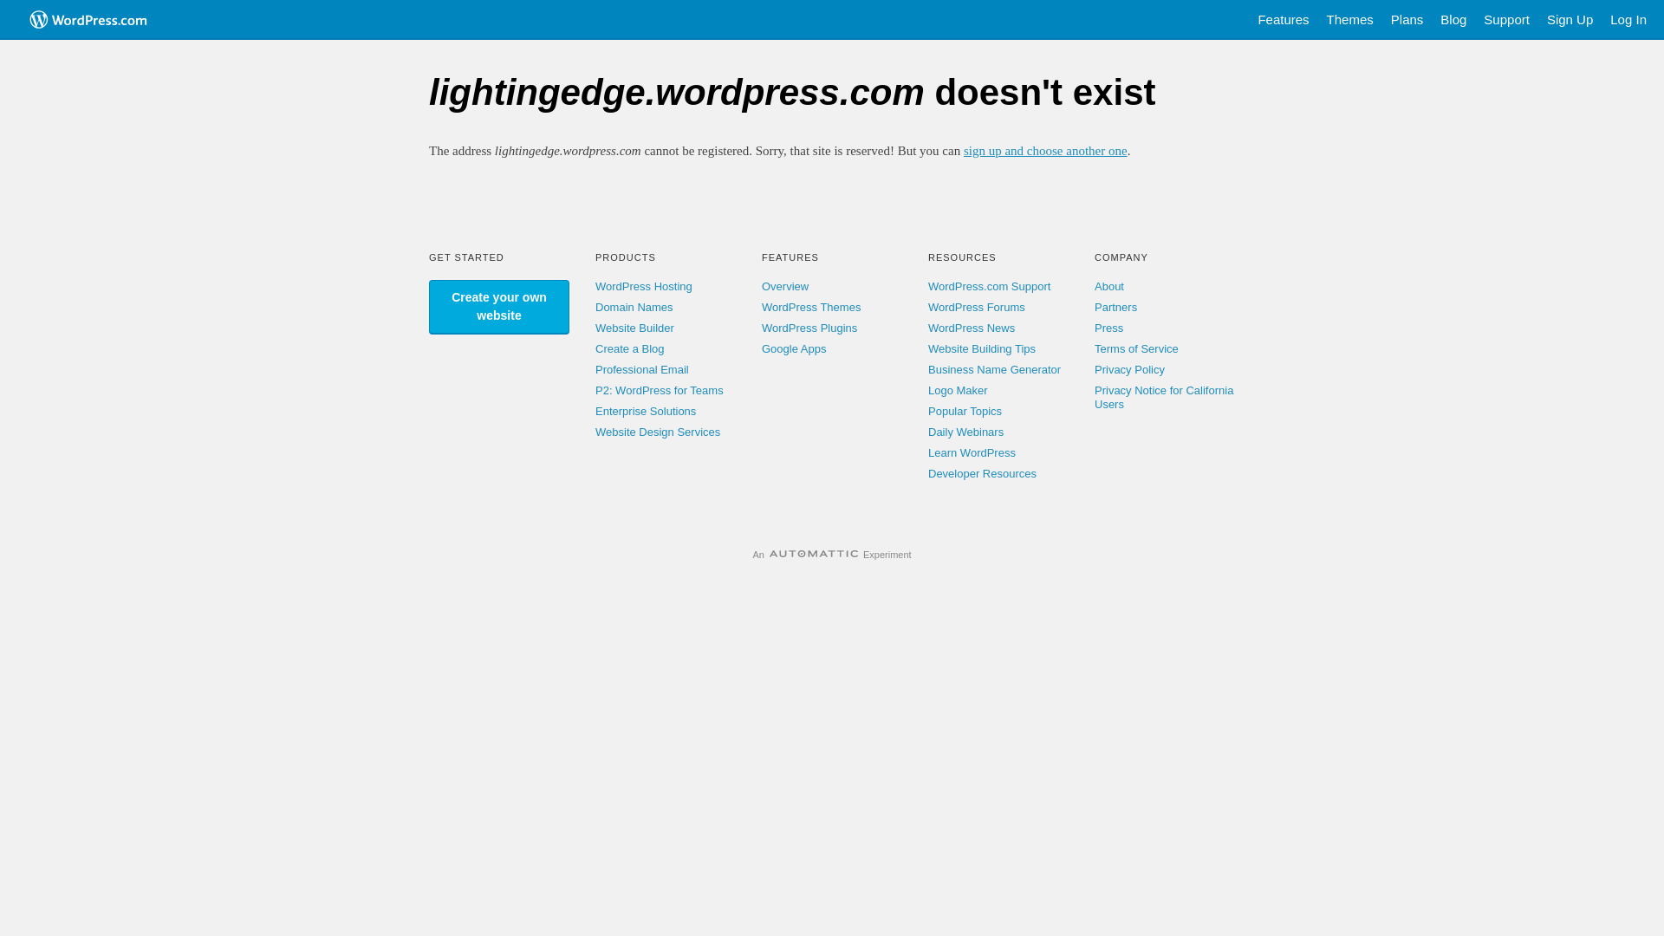  Describe the element at coordinates (809, 328) in the screenshot. I see `'WordPress Plugins'` at that location.